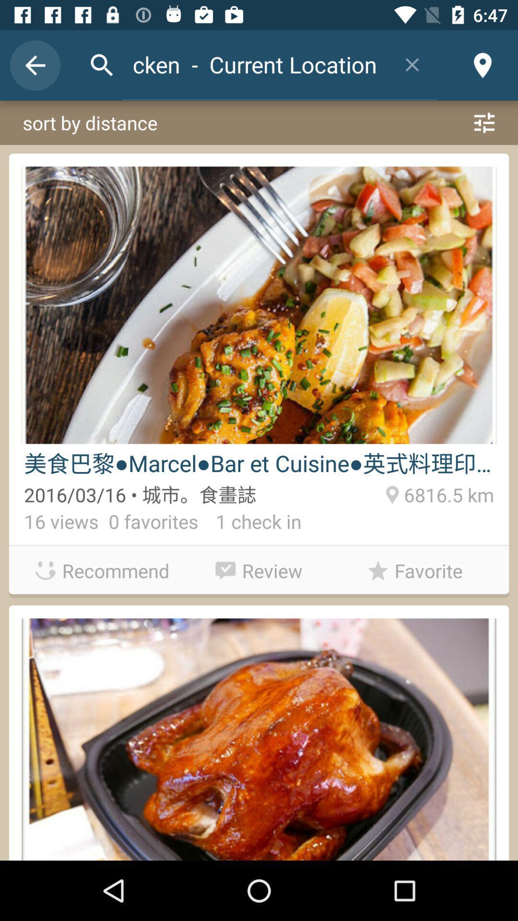 The width and height of the screenshot is (518, 921). What do you see at coordinates (259, 568) in the screenshot?
I see `the icon next to favorite app` at bounding box center [259, 568].